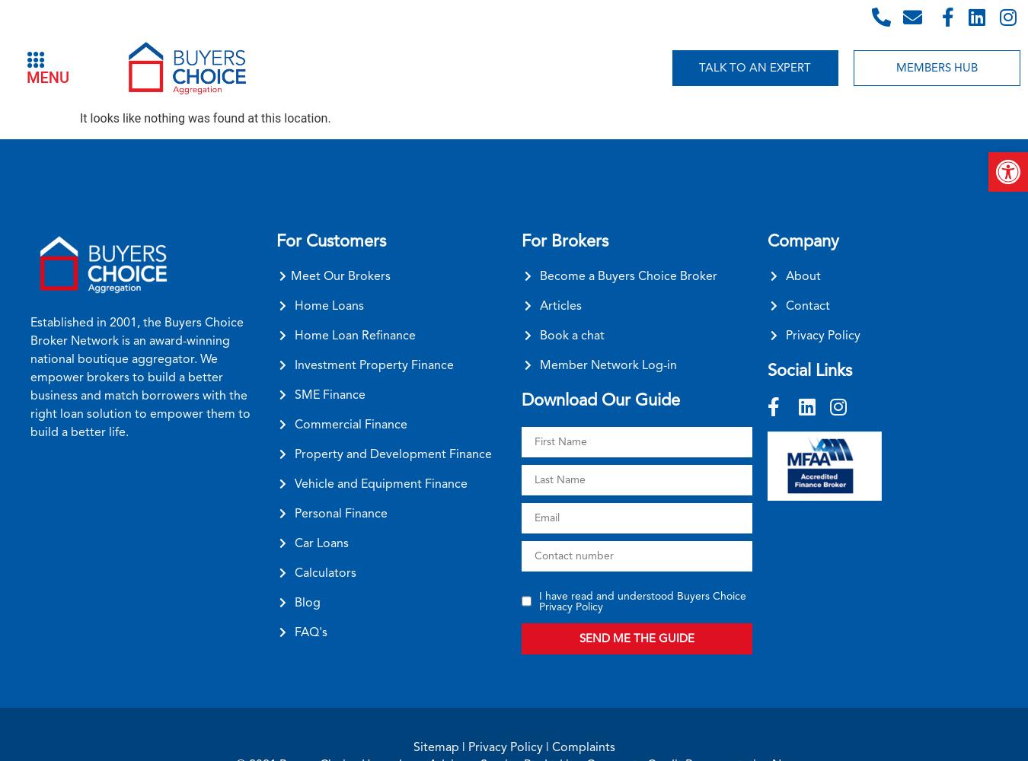 The width and height of the screenshot is (1028, 761). Describe the element at coordinates (802, 275) in the screenshot. I see `'About'` at that location.